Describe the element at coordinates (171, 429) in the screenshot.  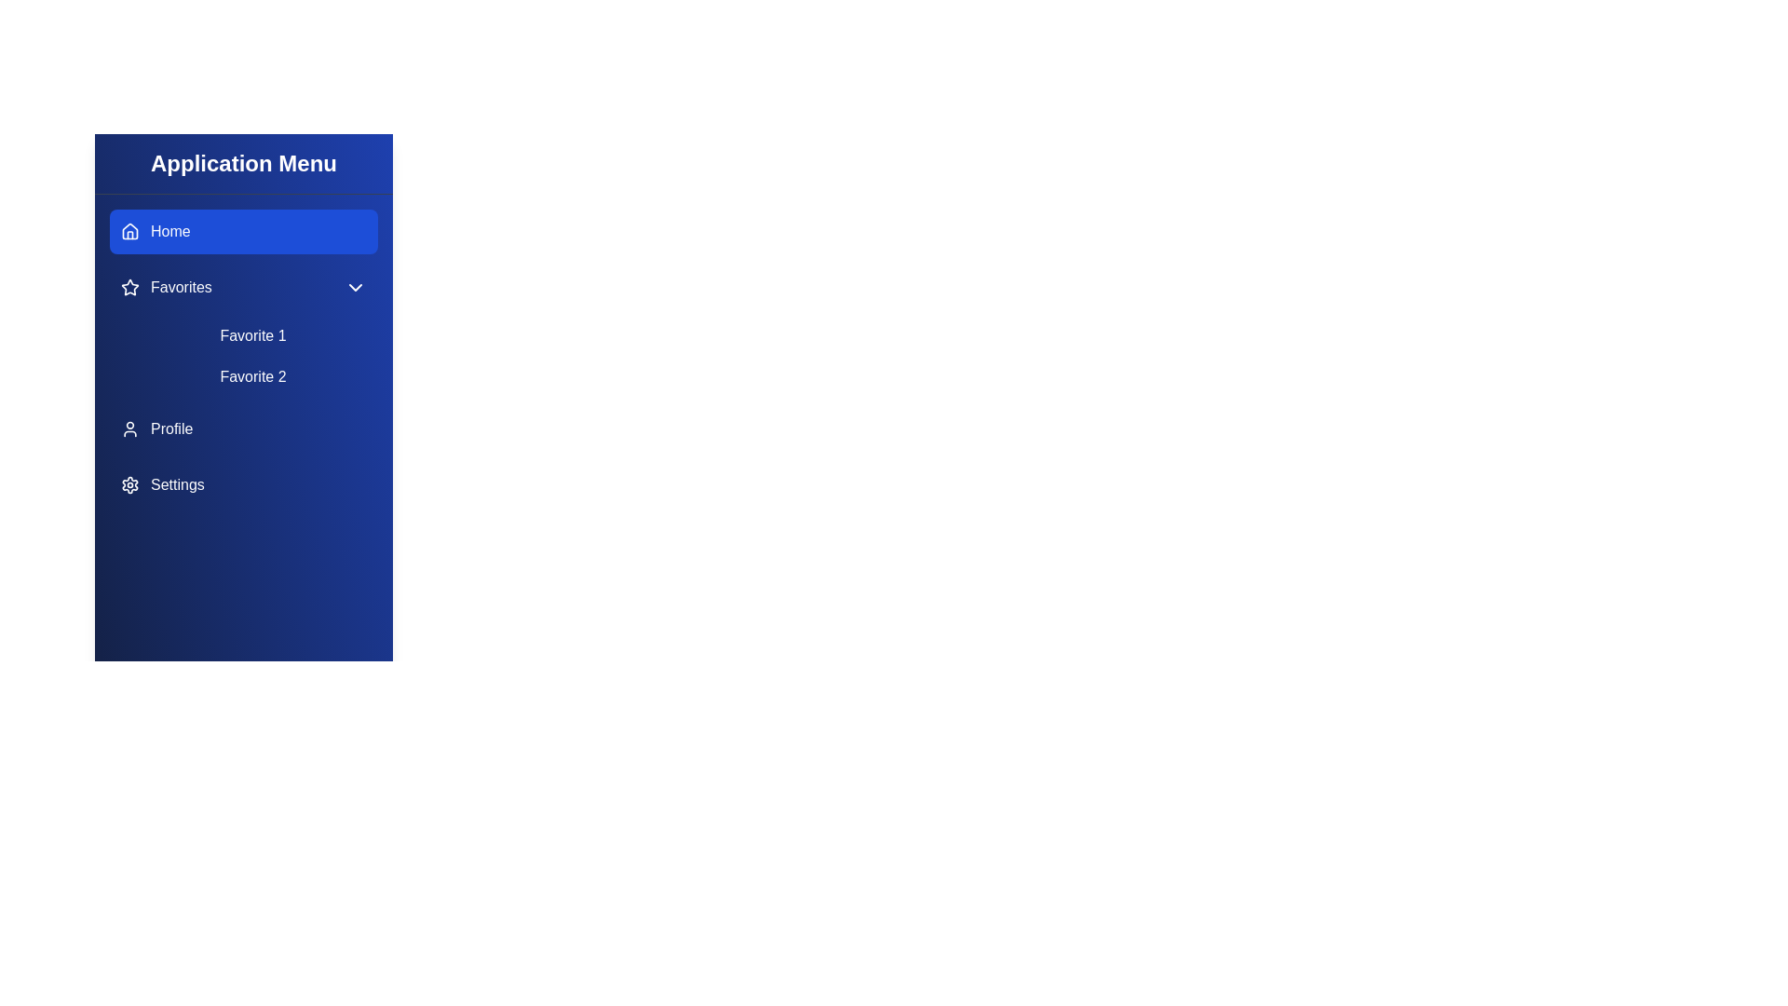
I see `the 'Profile' text label in the sidebar menu, which is positioned under 'Favorites' and above 'Settings', to identify the section of the application menu` at that location.